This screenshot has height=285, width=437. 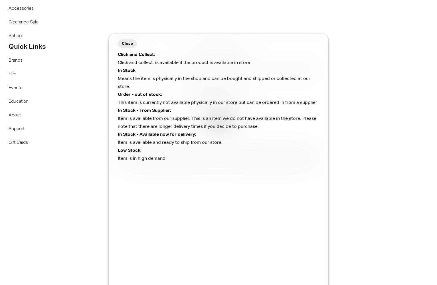 I want to click on 'Calculate Shipping', so click(x=218, y=54).